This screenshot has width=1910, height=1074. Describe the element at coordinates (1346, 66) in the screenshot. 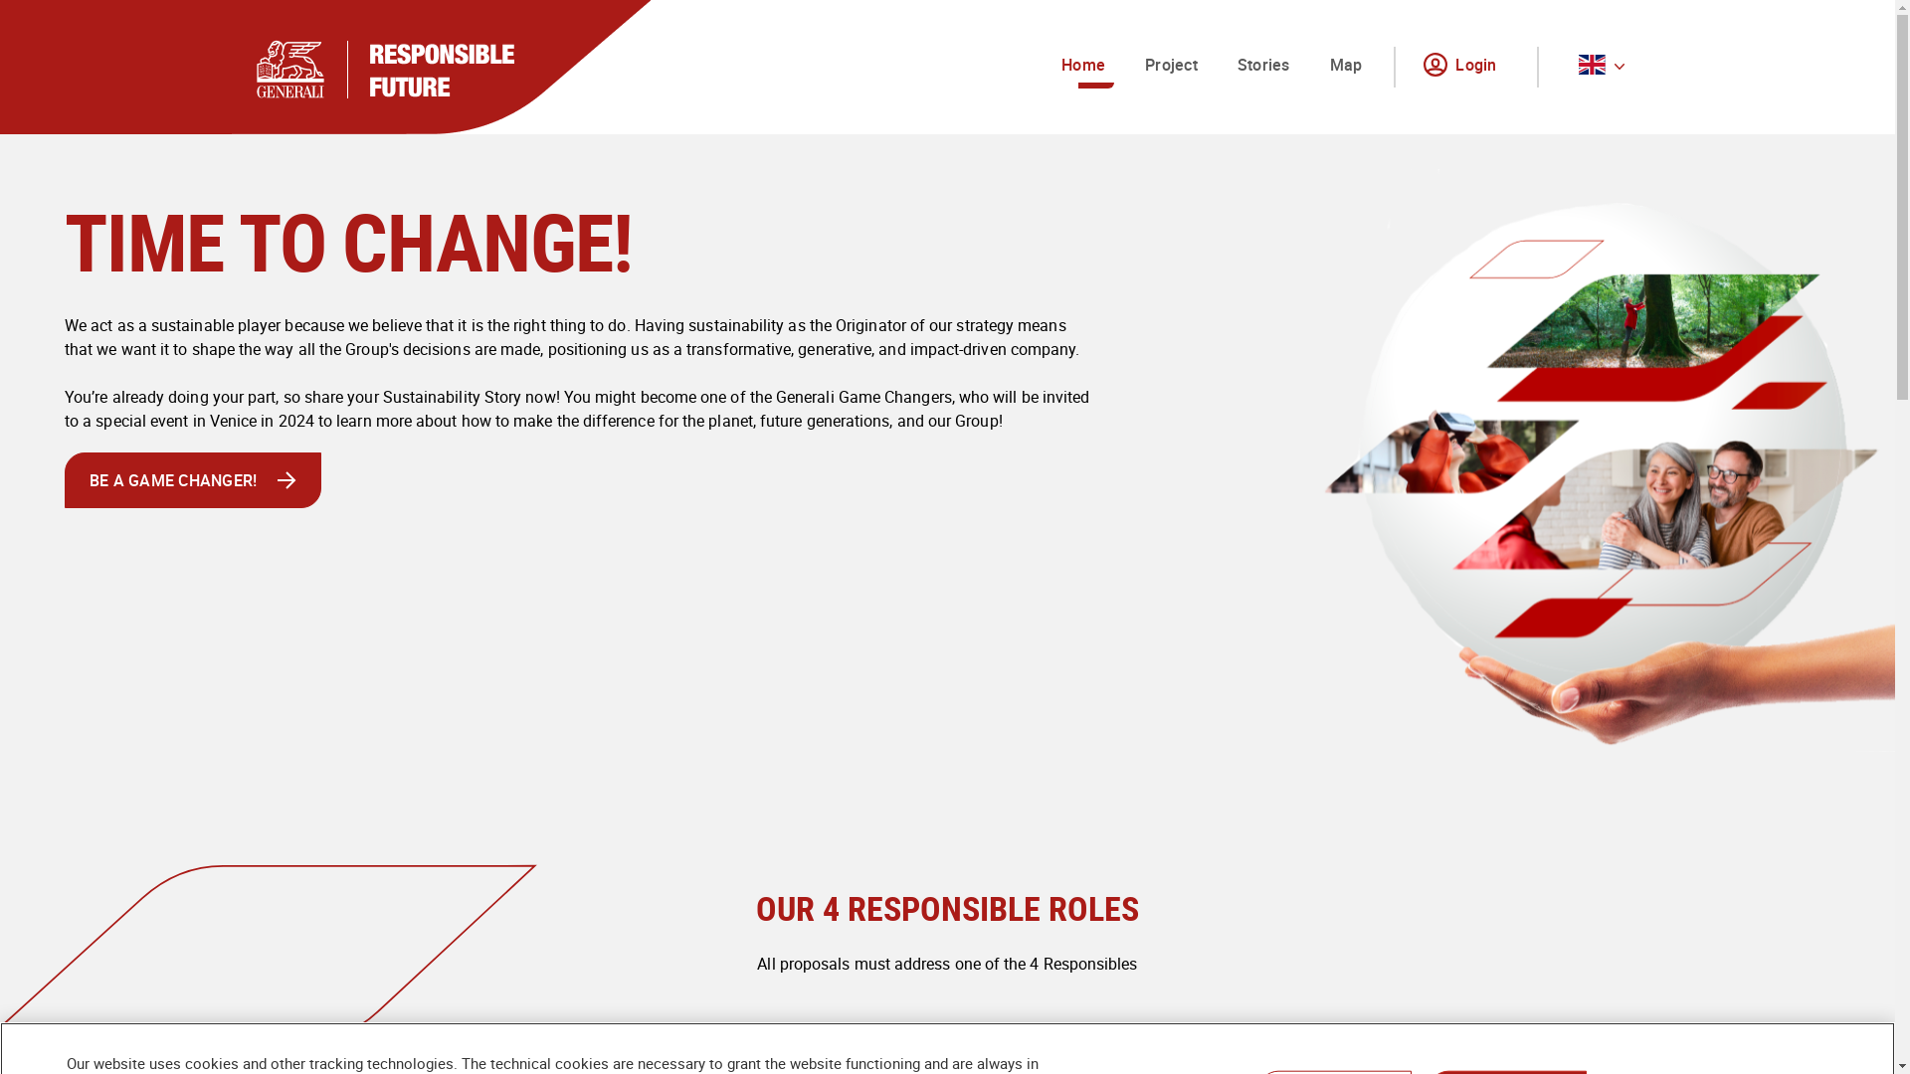

I see `'Map'` at that location.